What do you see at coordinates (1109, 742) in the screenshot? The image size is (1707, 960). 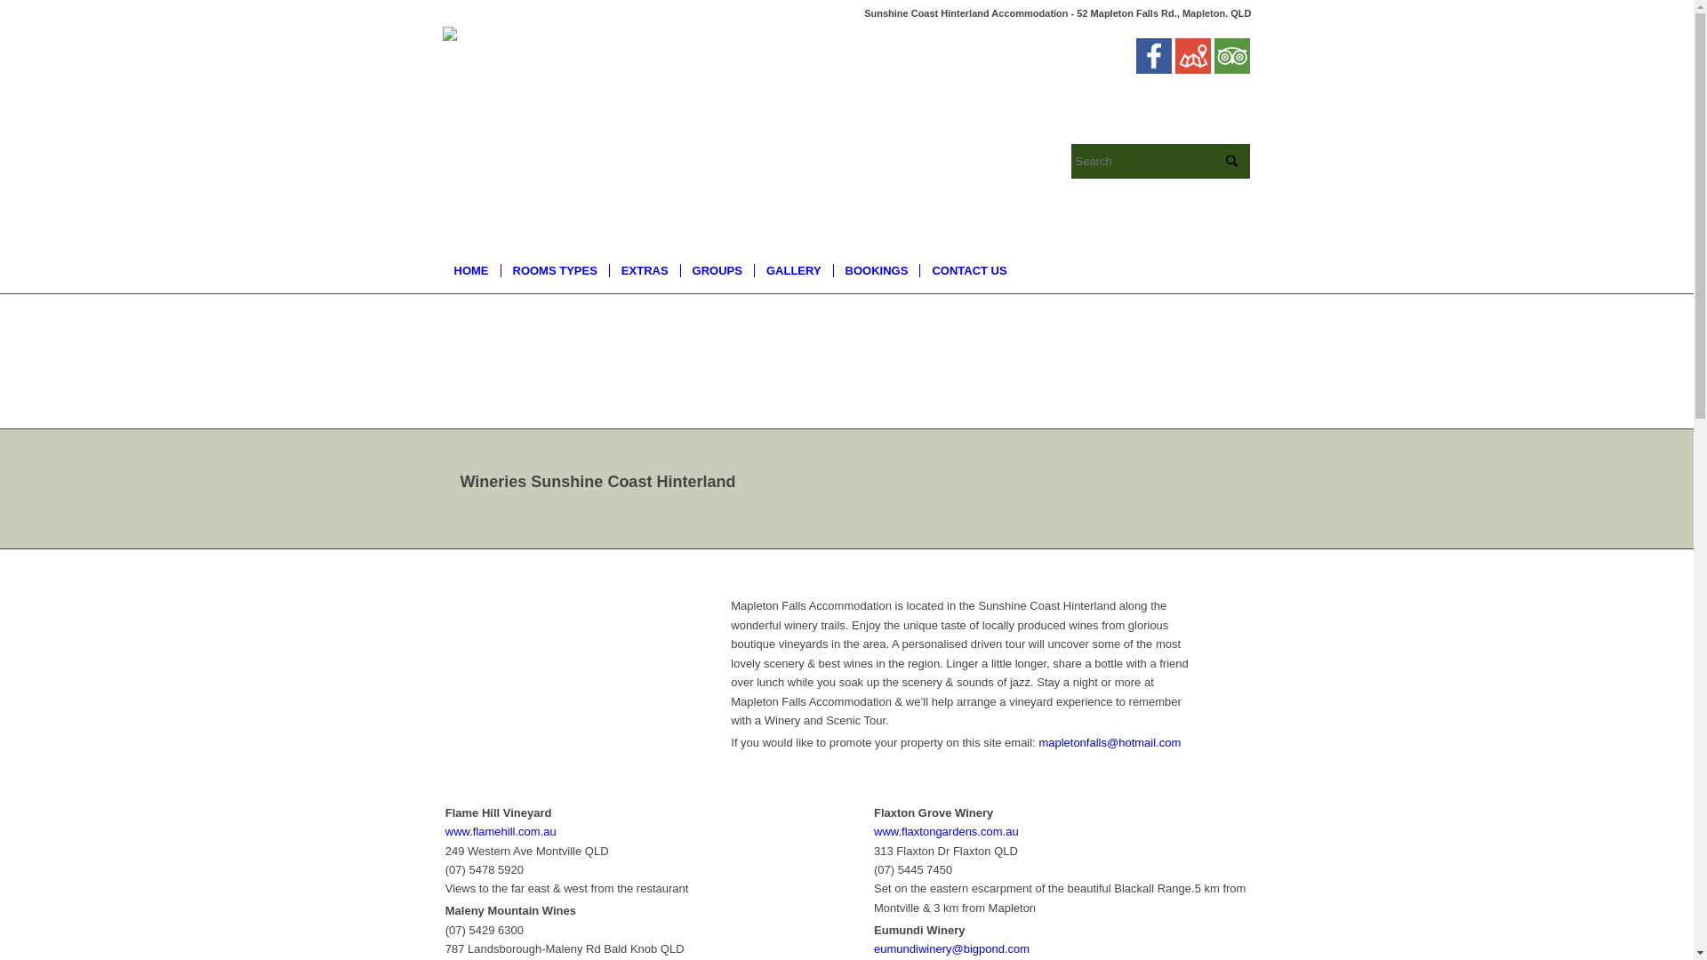 I see `'mapletonfalls@hotmail.com'` at bounding box center [1109, 742].